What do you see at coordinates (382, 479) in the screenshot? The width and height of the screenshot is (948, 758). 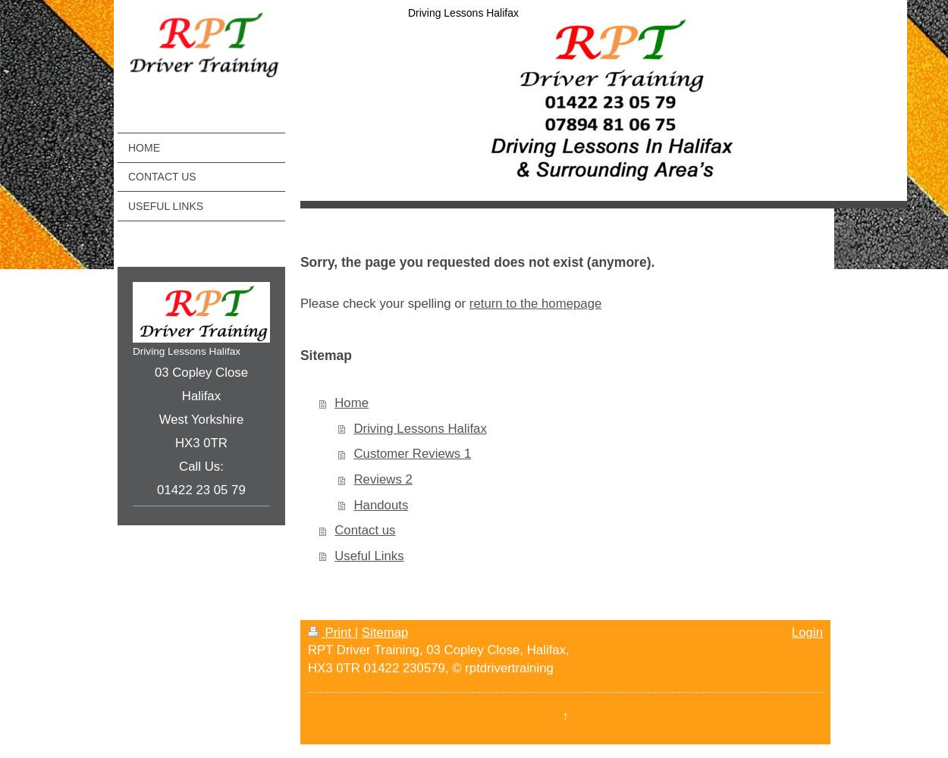 I see `'Reviews 2'` at bounding box center [382, 479].